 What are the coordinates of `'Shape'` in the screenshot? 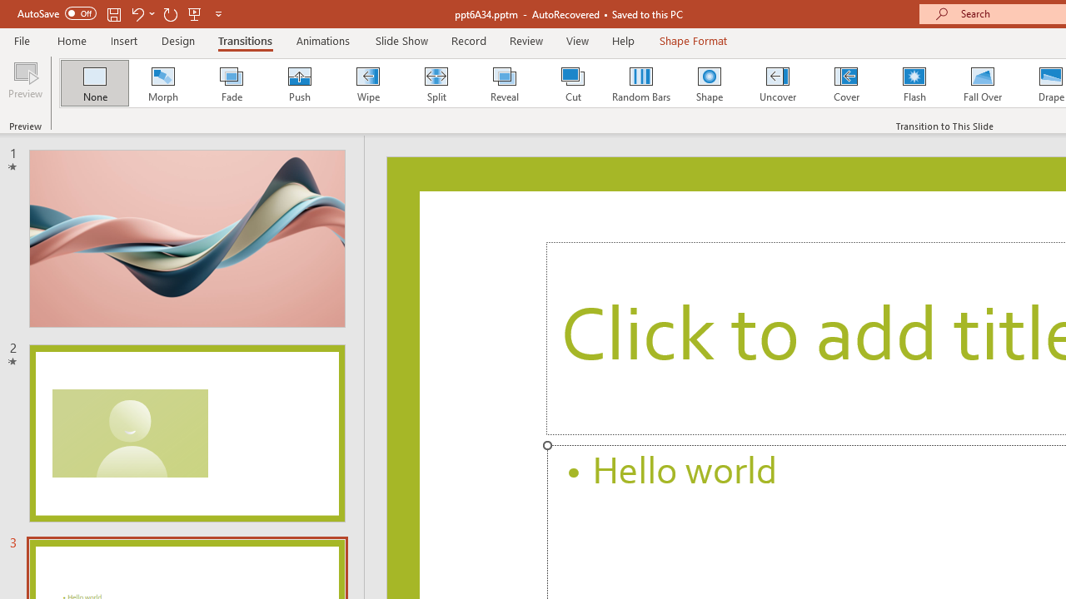 It's located at (710, 83).